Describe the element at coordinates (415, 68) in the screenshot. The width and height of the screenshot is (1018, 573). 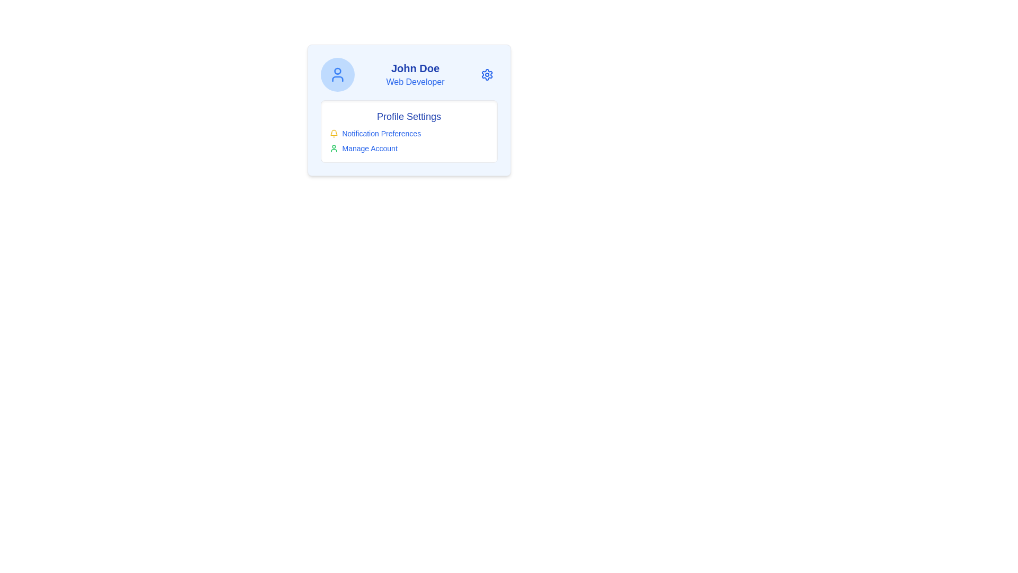
I see `text content of the bold blue text label displaying 'John Doe', which is positioned at the top of the UI card above the smaller text label 'Web Developer'` at that location.